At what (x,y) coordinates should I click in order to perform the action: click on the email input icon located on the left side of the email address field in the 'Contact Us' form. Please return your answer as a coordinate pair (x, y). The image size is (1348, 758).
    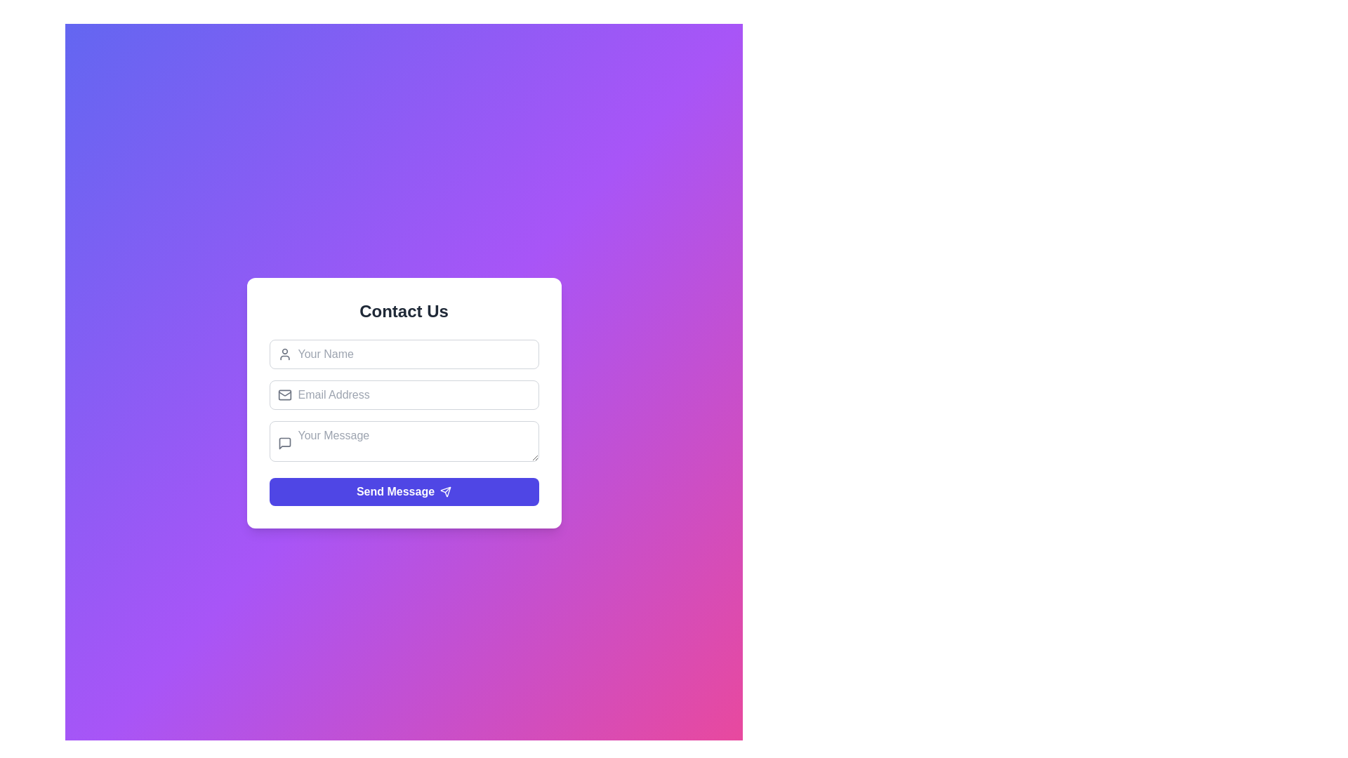
    Looking at the image, I should click on (284, 394).